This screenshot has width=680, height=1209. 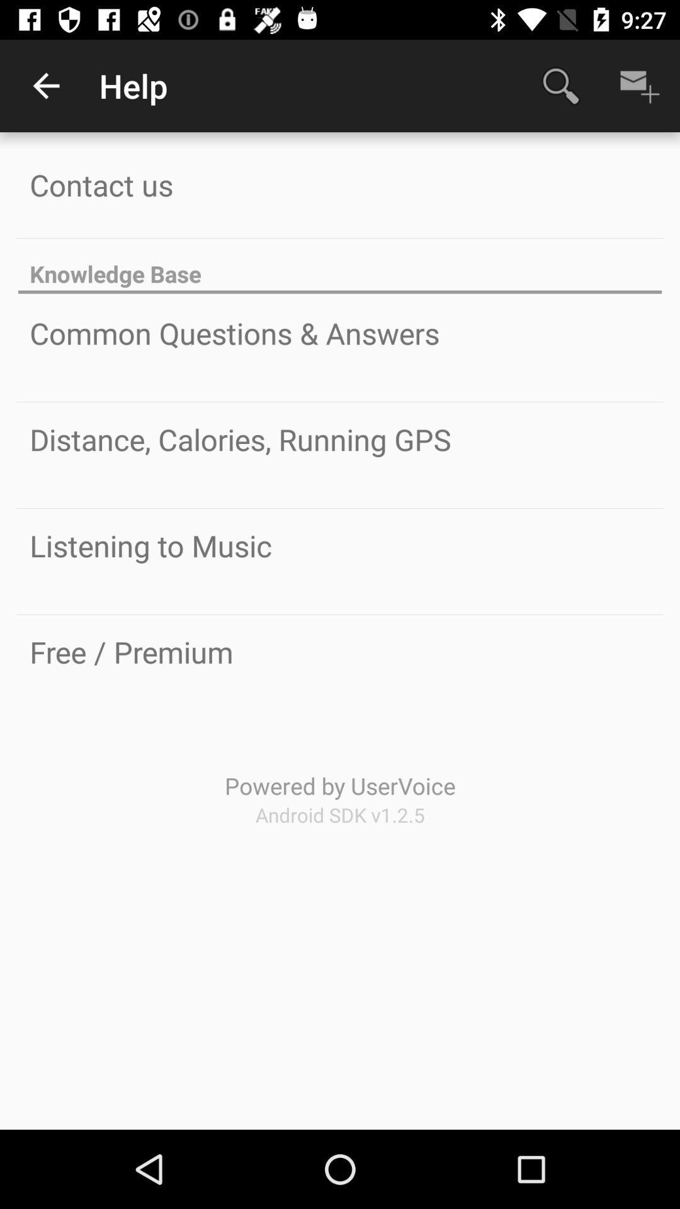 I want to click on item to the left of help, so click(x=45, y=85).